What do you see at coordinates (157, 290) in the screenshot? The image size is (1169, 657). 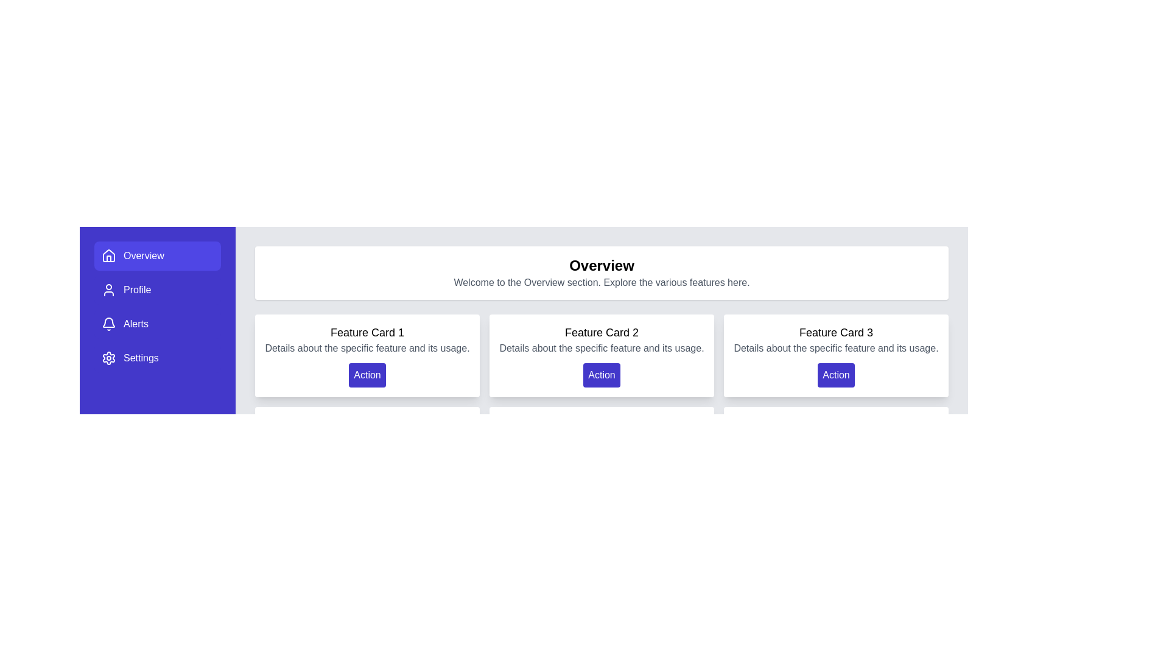 I see `the 'Profile' navigational button located in the vertical sidebar menu, which is the second entry following the 'Overview' button` at bounding box center [157, 290].